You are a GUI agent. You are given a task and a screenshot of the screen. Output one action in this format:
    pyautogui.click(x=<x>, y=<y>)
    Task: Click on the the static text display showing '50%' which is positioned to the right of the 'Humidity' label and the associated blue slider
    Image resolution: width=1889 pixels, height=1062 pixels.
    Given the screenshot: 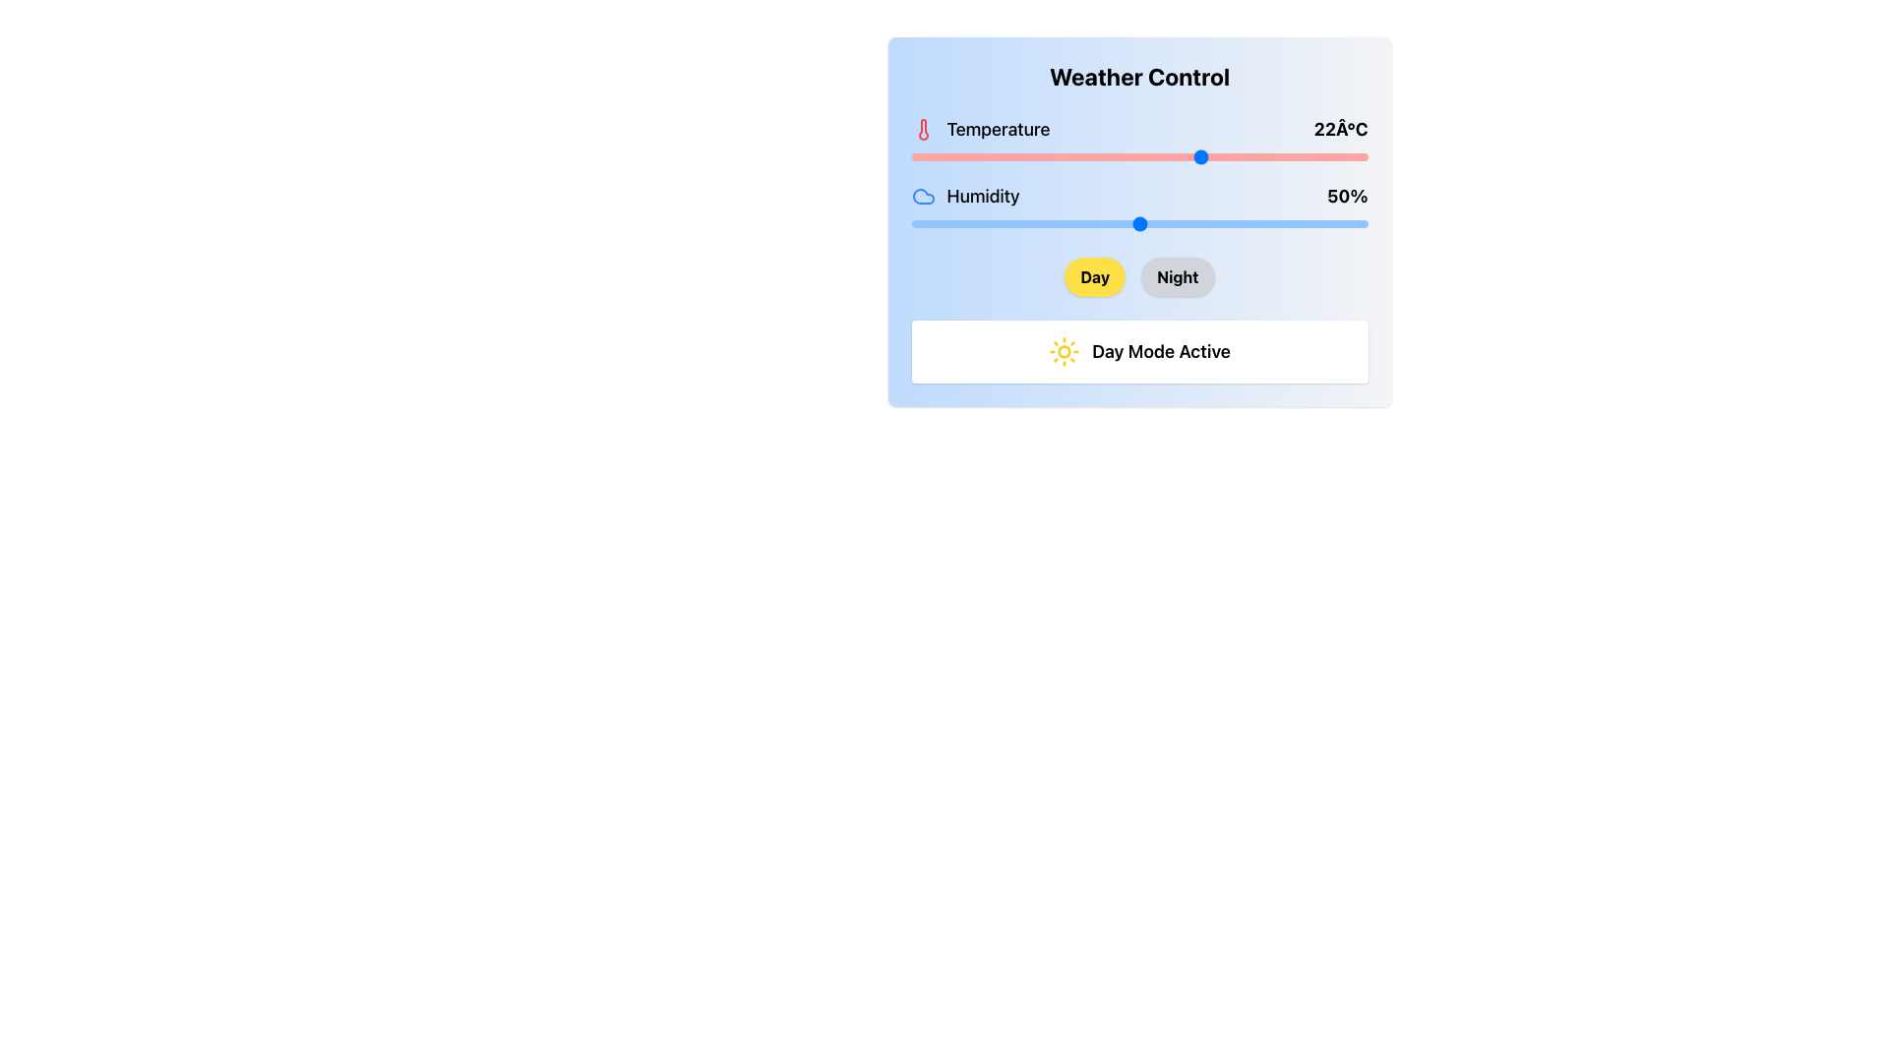 What is the action you would take?
    pyautogui.click(x=1346, y=197)
    